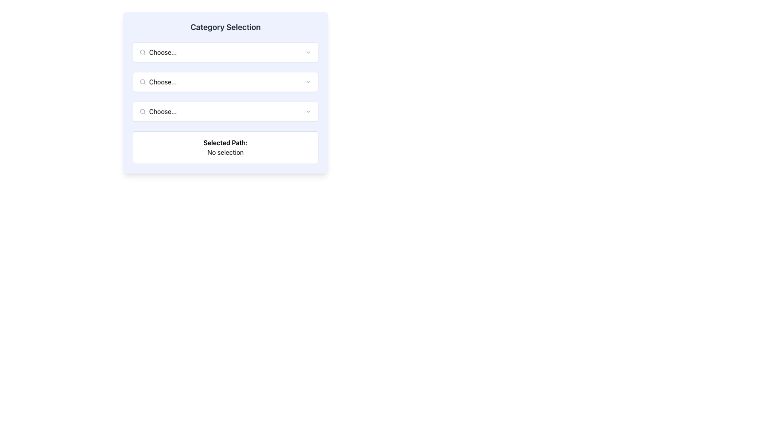 The image size is (768, 432). Describe the element at coordinates (142, 82) in the screenshot. I see `the search icon represented by the Circle element within the 'Category Selection' section of the dropdown field` at that location.